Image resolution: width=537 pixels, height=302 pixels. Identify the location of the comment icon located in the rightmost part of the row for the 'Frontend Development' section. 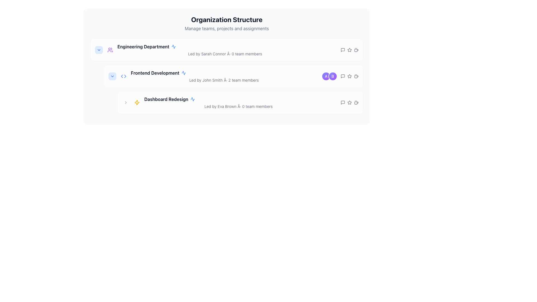
(342, 76).